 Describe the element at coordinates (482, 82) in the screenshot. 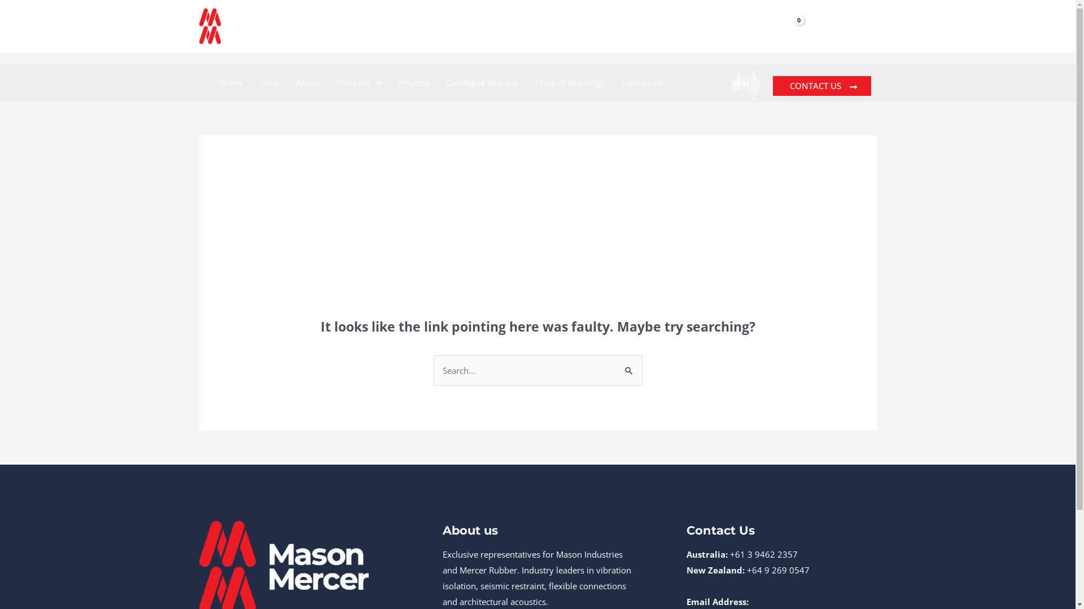

I see `'Catalogue Request'` at that location.